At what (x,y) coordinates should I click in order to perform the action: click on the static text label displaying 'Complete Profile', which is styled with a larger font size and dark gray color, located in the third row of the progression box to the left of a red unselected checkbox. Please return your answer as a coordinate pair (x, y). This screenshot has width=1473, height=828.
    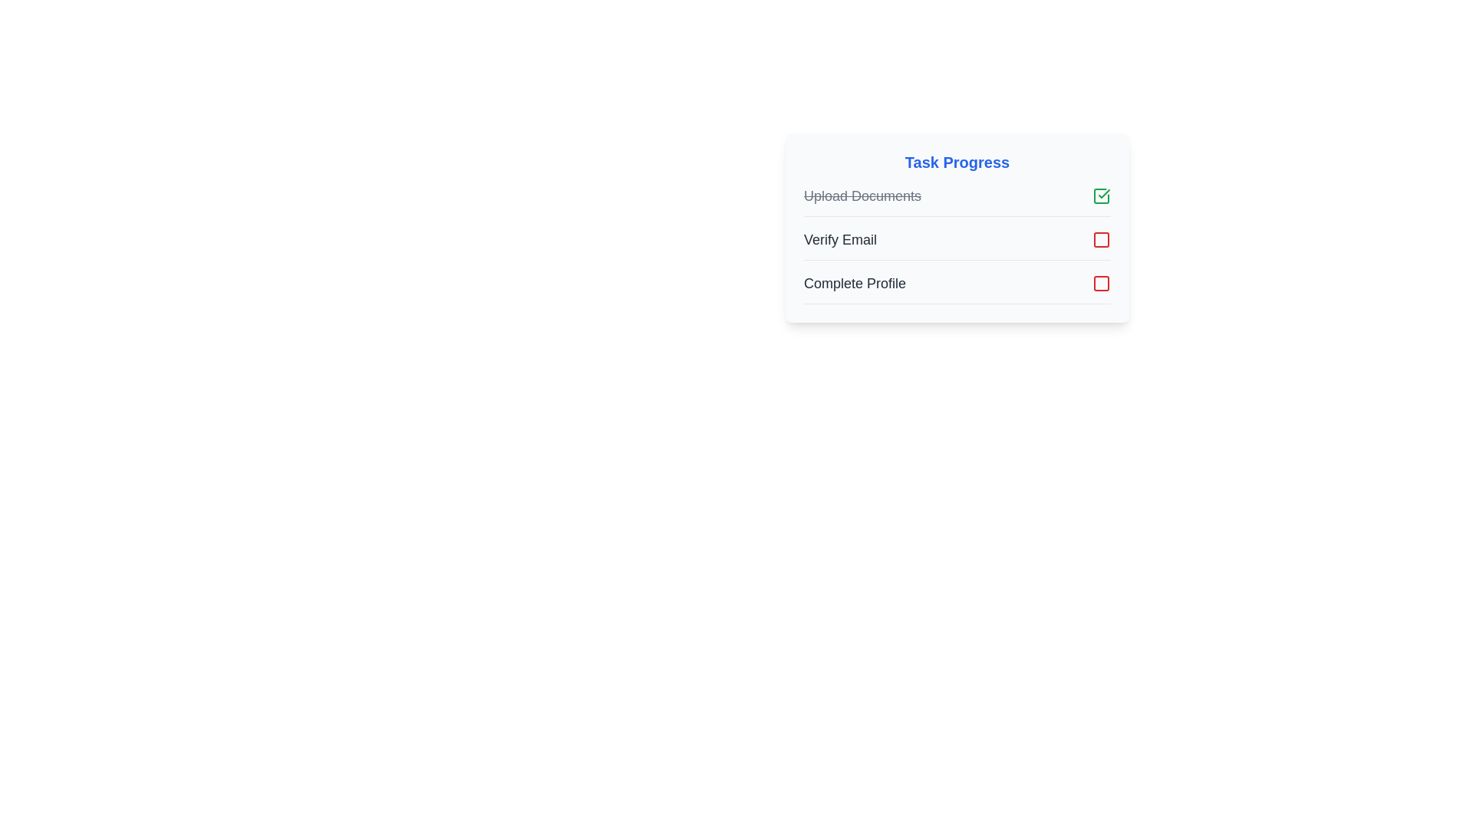
    Looking at the image, I should click on (854, 284).